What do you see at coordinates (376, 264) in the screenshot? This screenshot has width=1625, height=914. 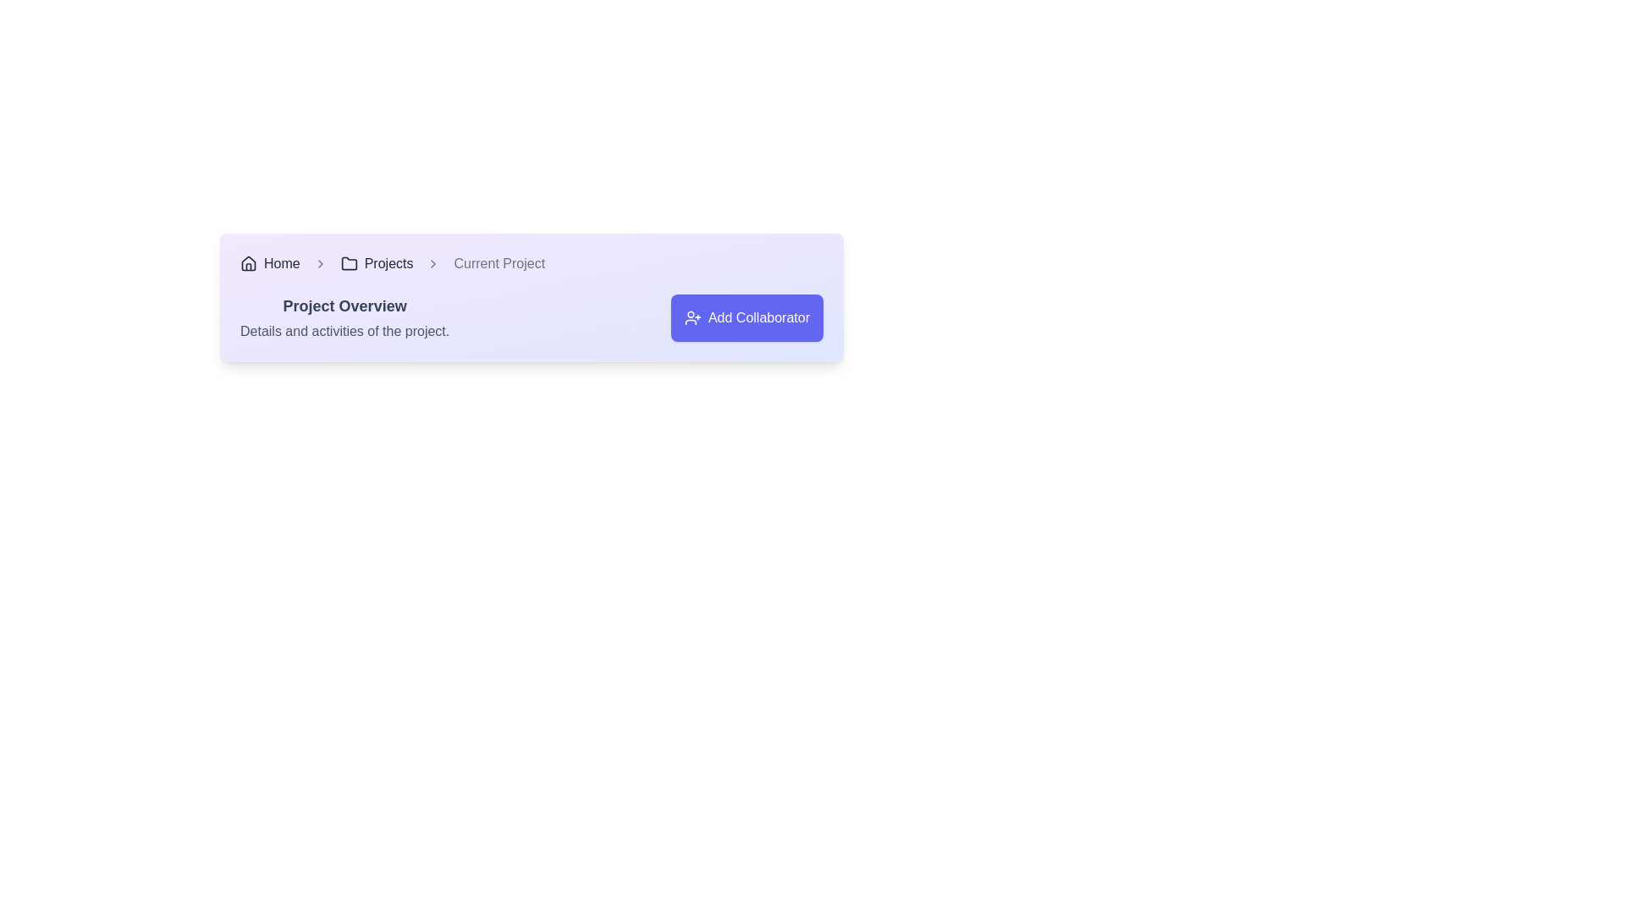 I see `the 'Projects' breadcrumb link with a folder icon` at bounding box center [376, 264].